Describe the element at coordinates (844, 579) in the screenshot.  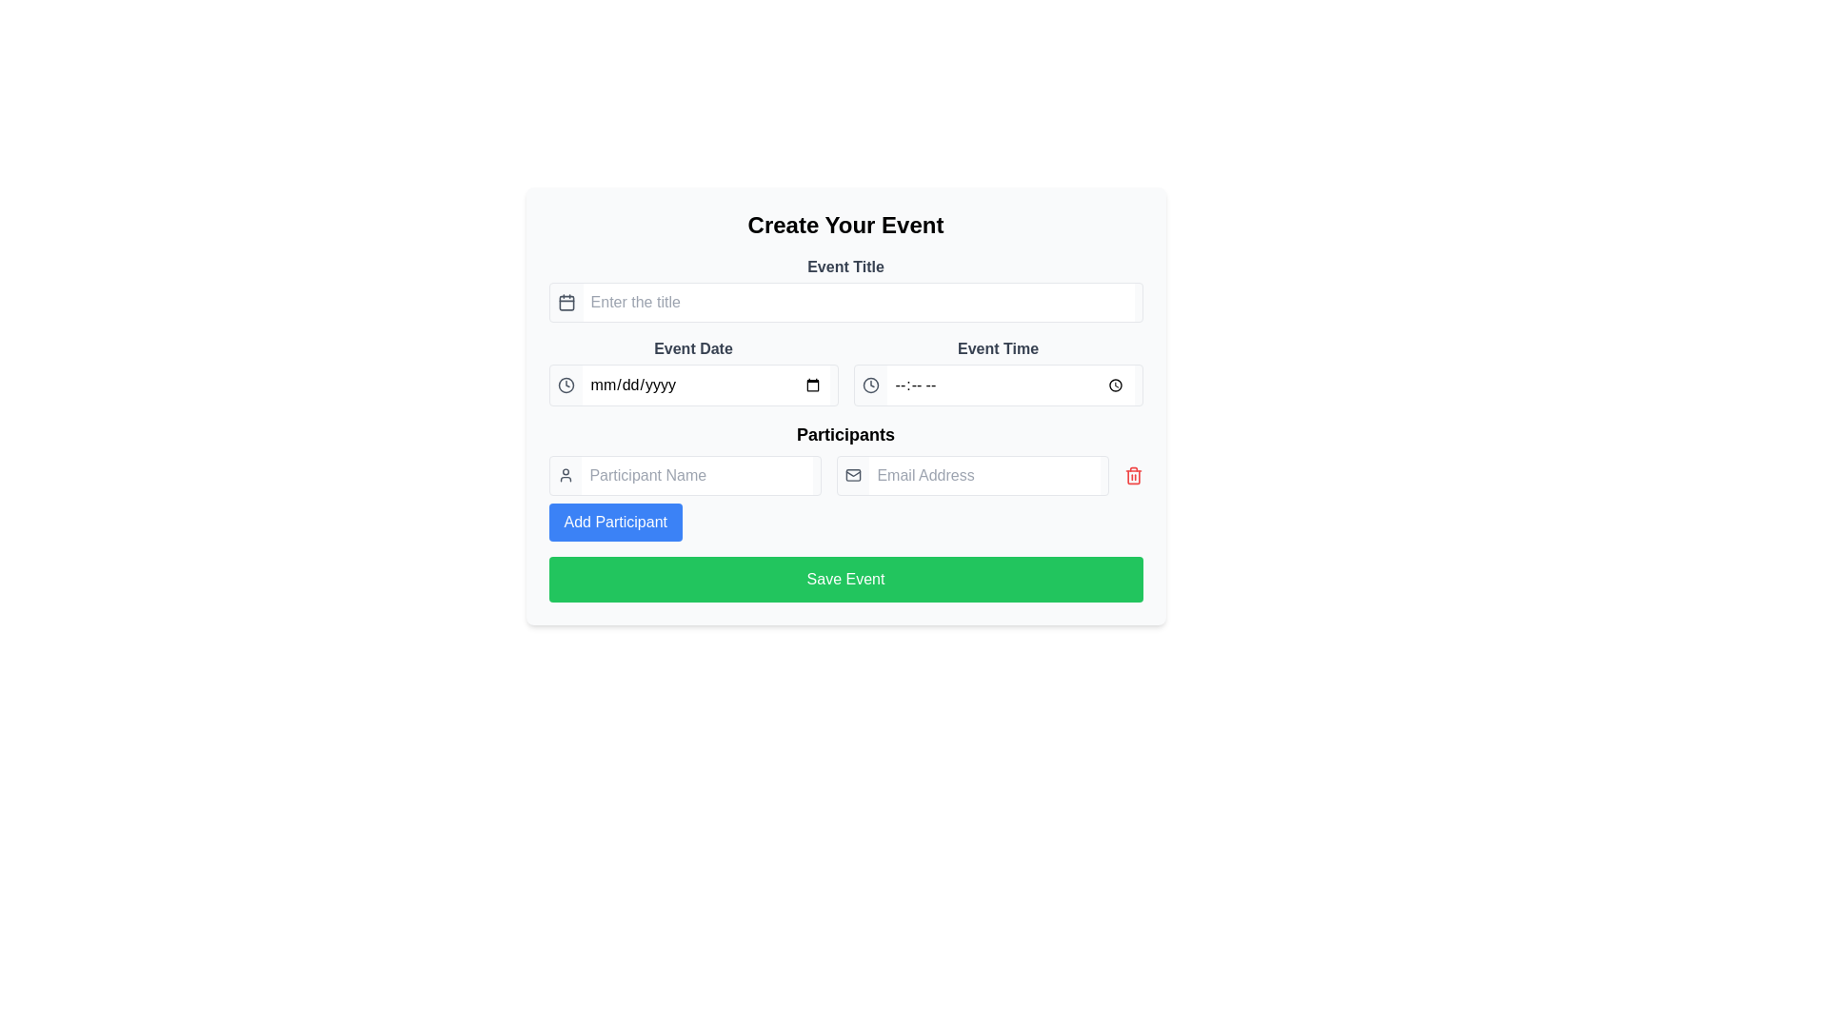
I see `the 'Save Event' button, which has a bright green background and white text, located at the bottom of the form layout` at that location.